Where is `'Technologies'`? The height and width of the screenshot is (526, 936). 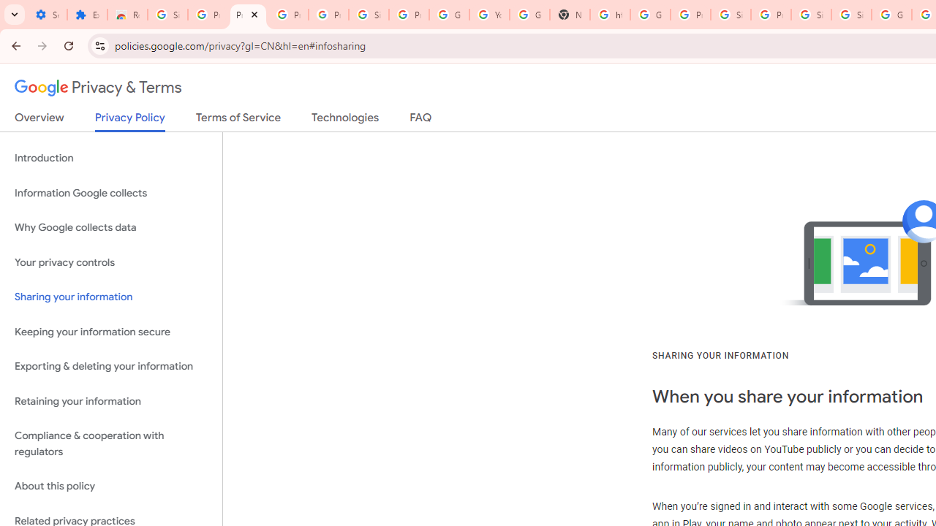
'Technologies' is located at coordinates (344, 120).